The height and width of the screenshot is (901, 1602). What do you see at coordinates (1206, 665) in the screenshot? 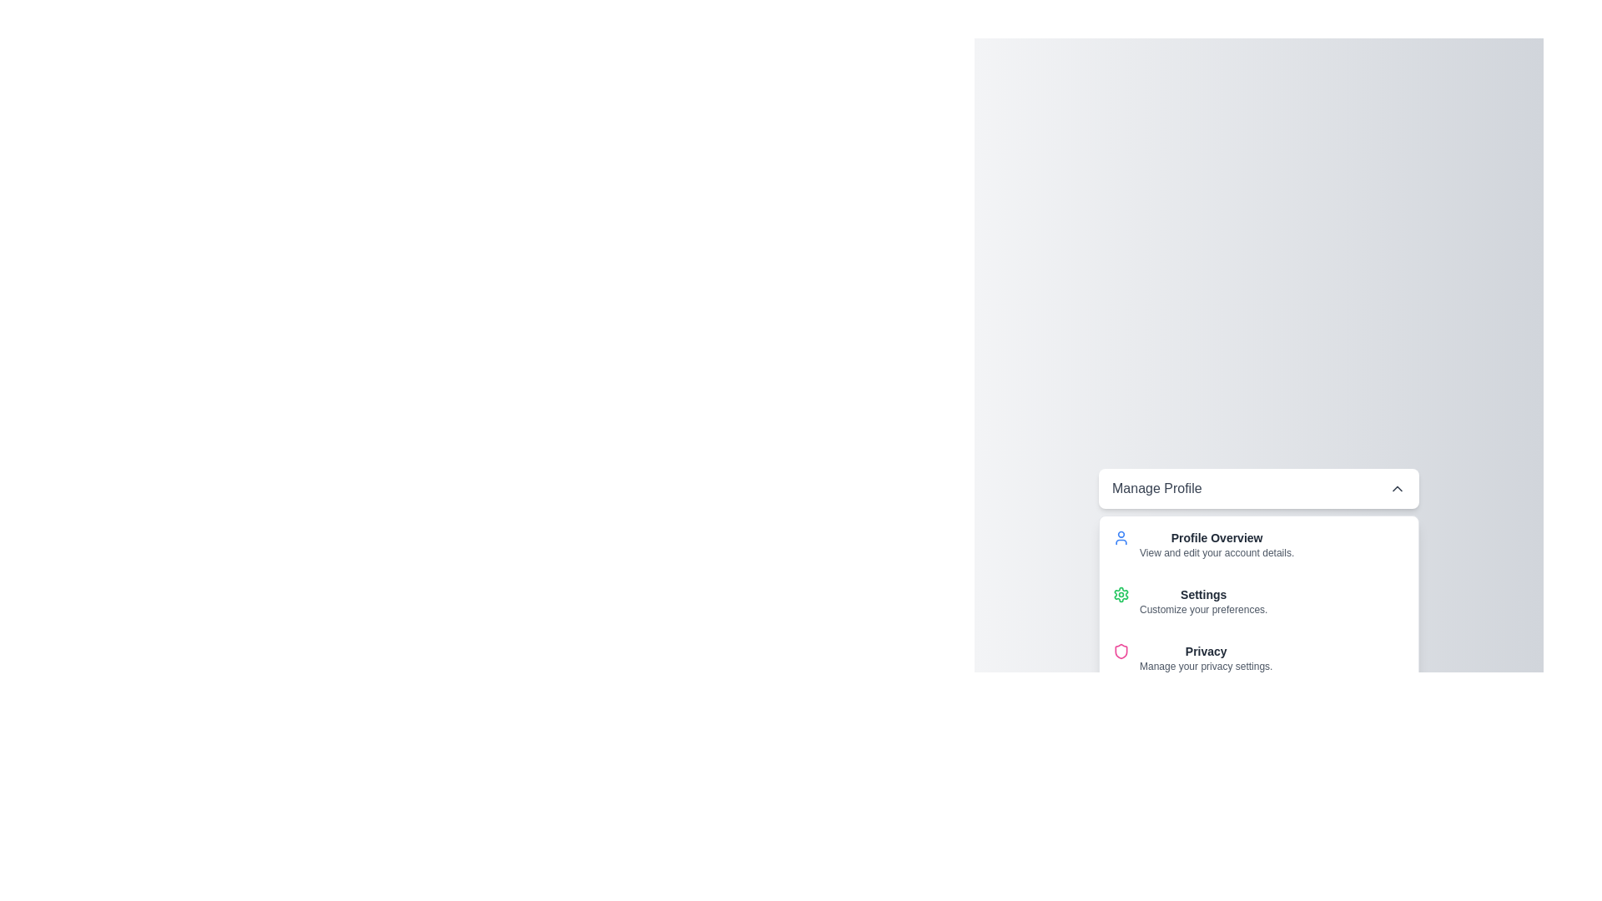
I see `the descriptive text label under the 'Privacy' section that explains user privacy settings, located within the dropdown menu under 'Manage Profile'` at bounding box center [1206, 665].